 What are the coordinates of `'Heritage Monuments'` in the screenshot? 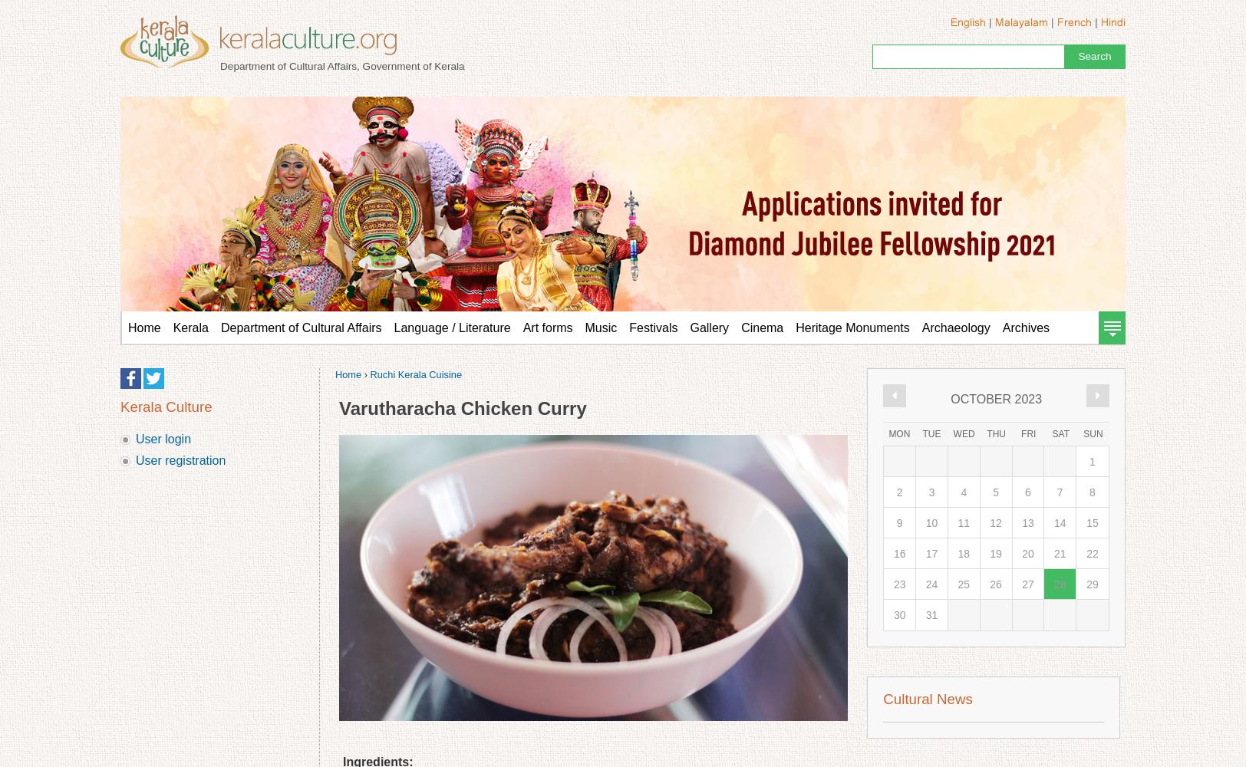 It's located at (795, 328).